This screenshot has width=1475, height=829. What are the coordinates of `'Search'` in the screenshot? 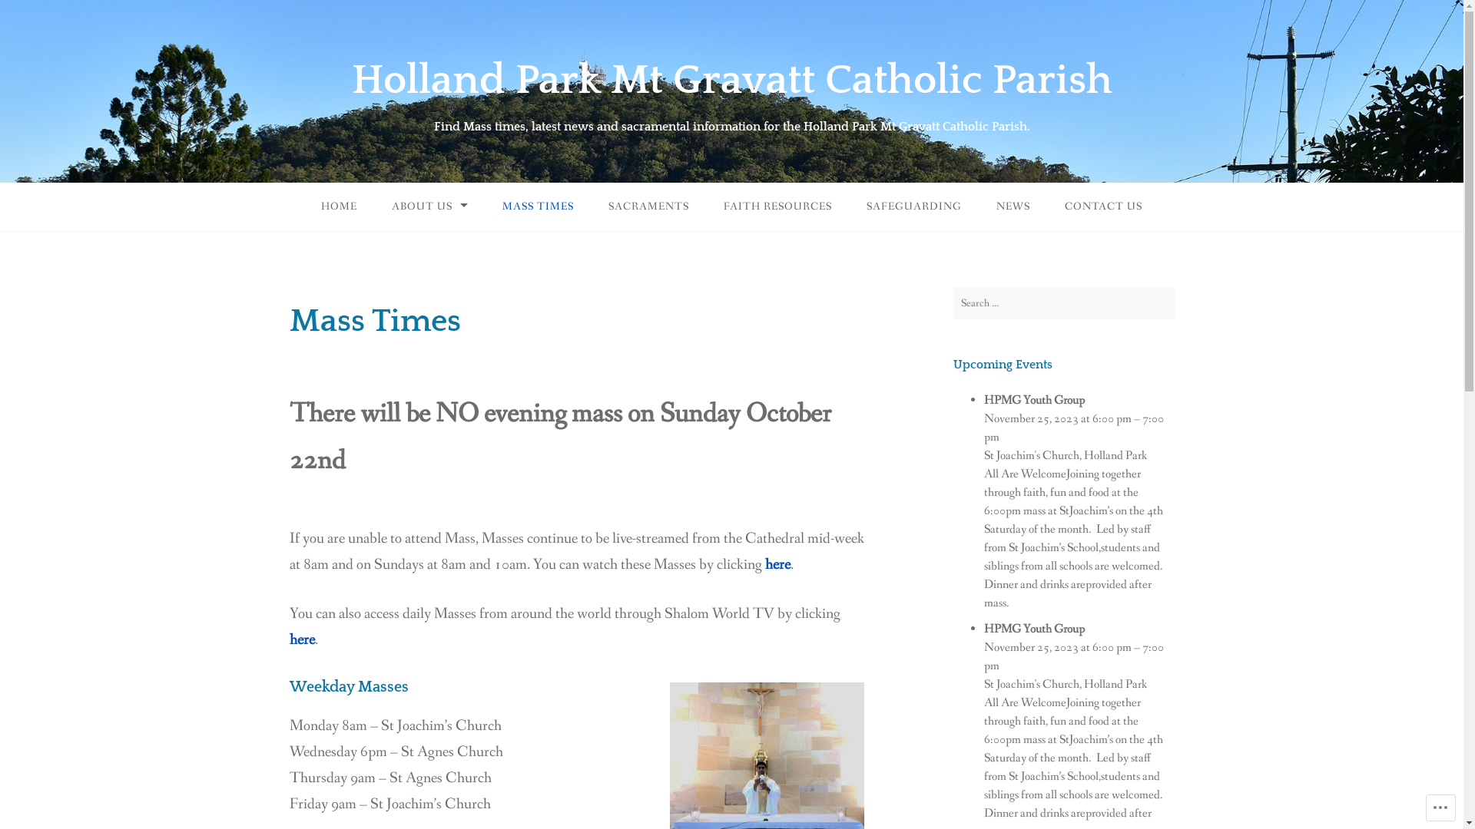 It's located at (27, 15).